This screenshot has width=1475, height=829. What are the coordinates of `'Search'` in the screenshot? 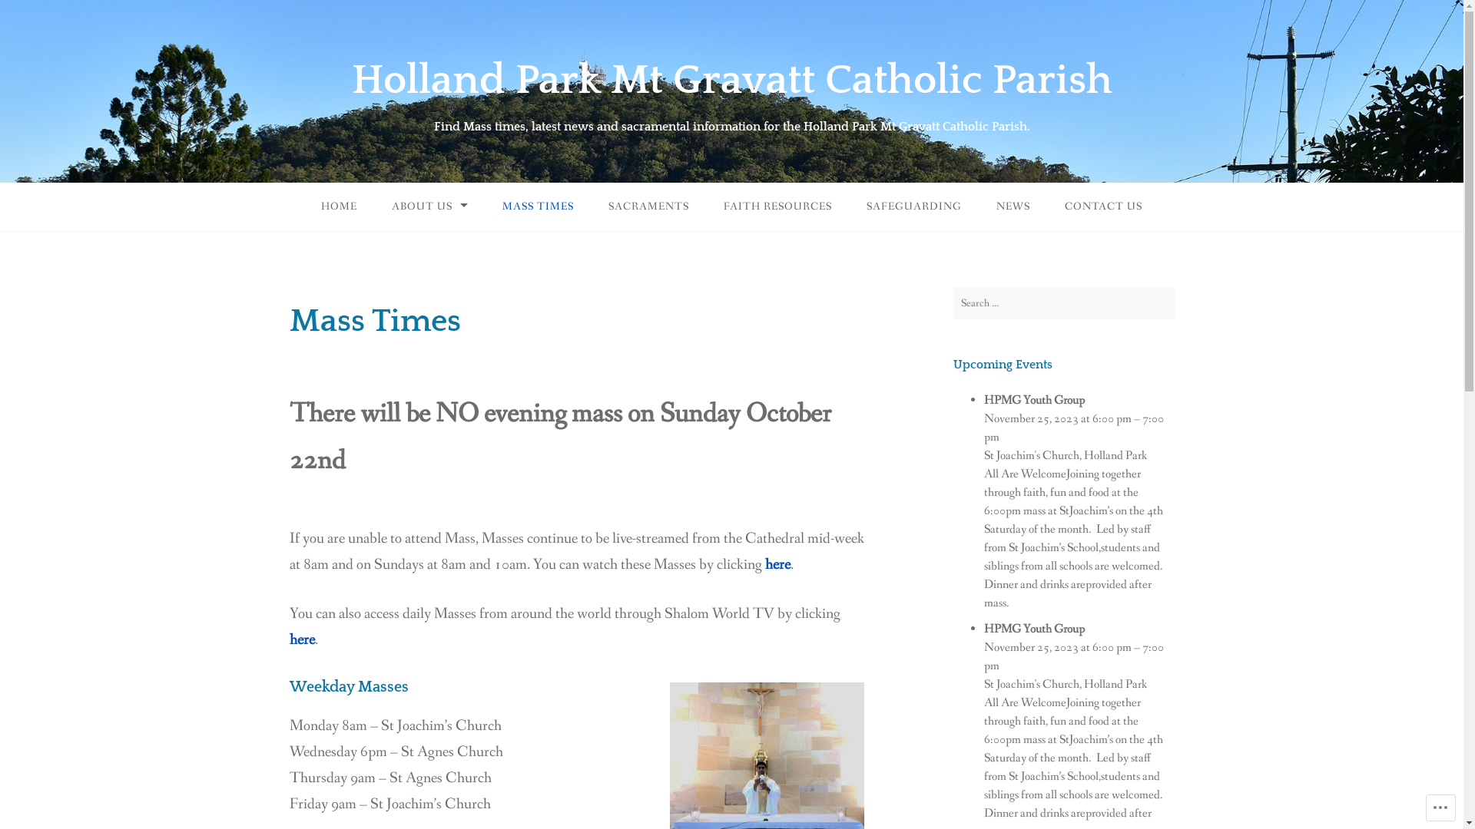 It's located at (27, 15).